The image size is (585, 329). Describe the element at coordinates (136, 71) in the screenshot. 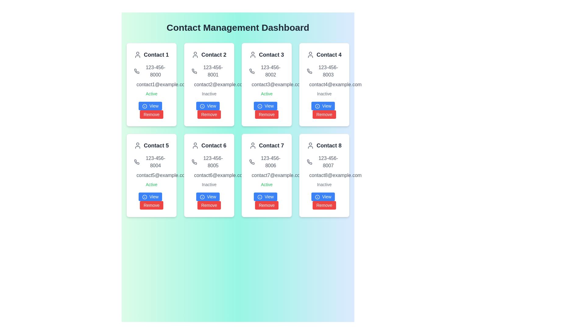

I see `the phone-shaped icon located at the top-left of the 'Contact 1' card, adjacent to the title 'Contact 1'` at that location.